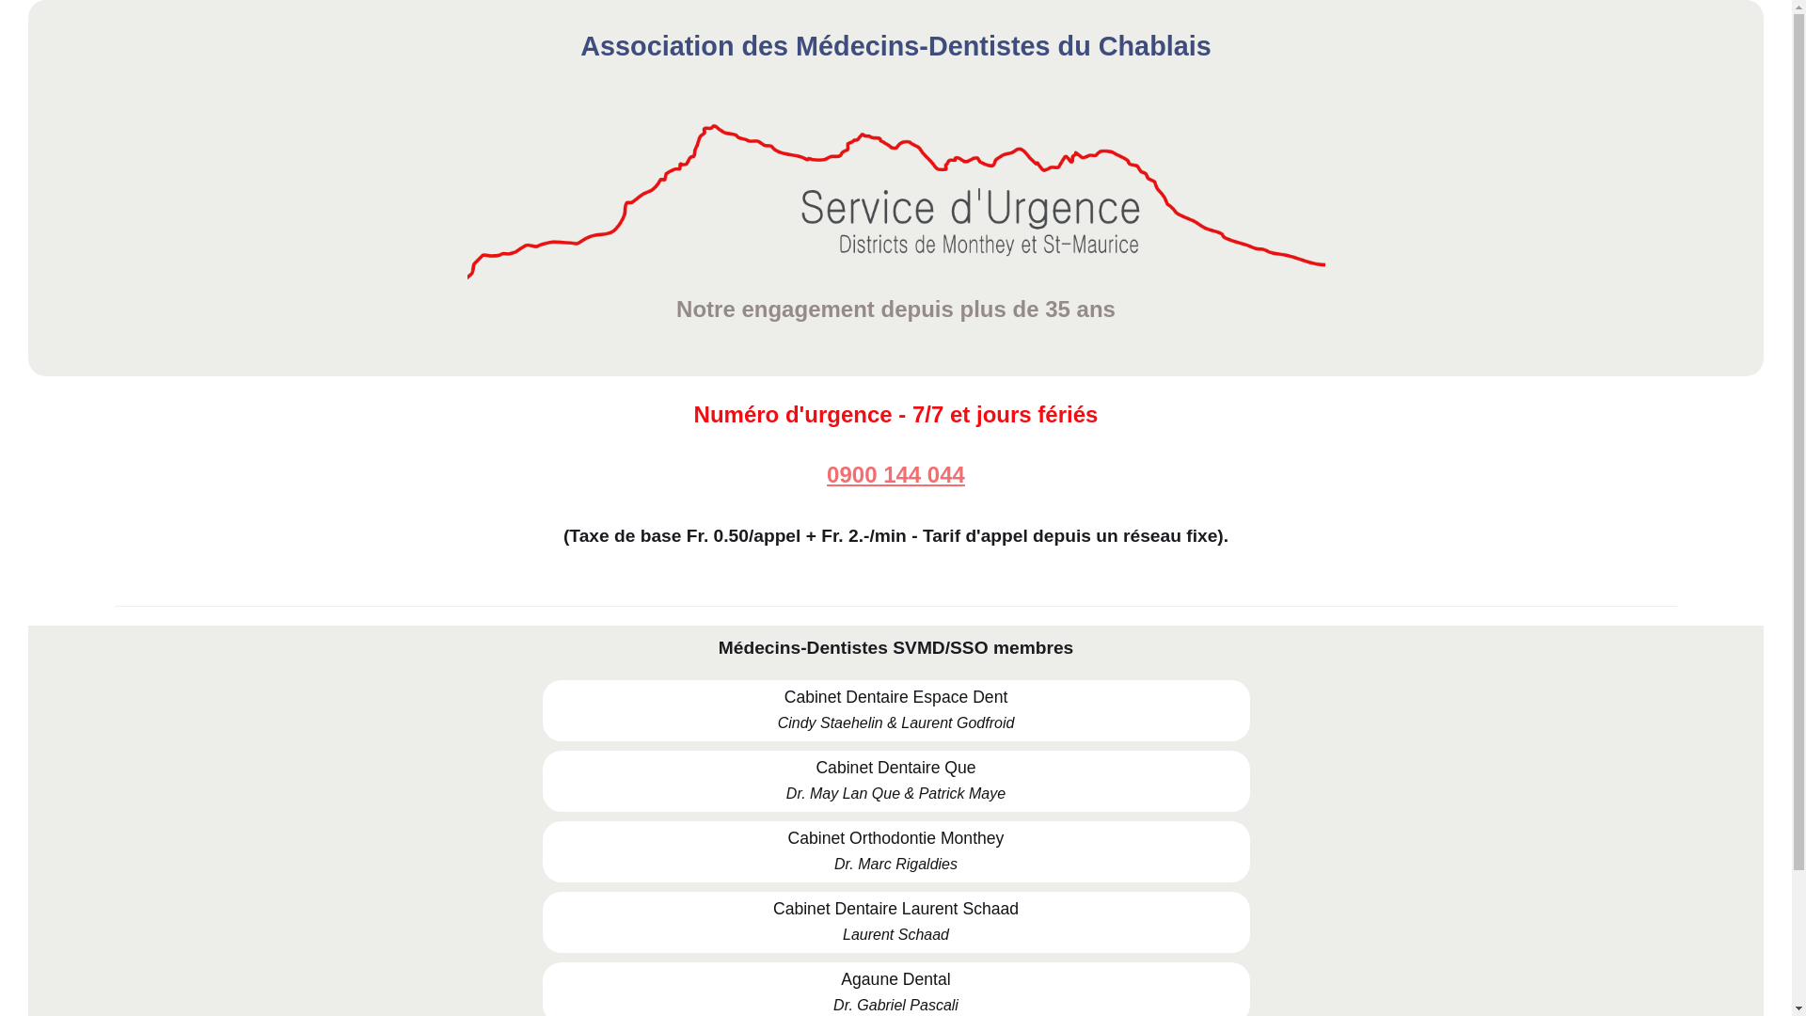 The height and width of the screenshot is (1016, 1806). What do you see at coordinates (895, 474) in the screenshot?
I see `'0900 144 044'` at bounding box center [895, 474].